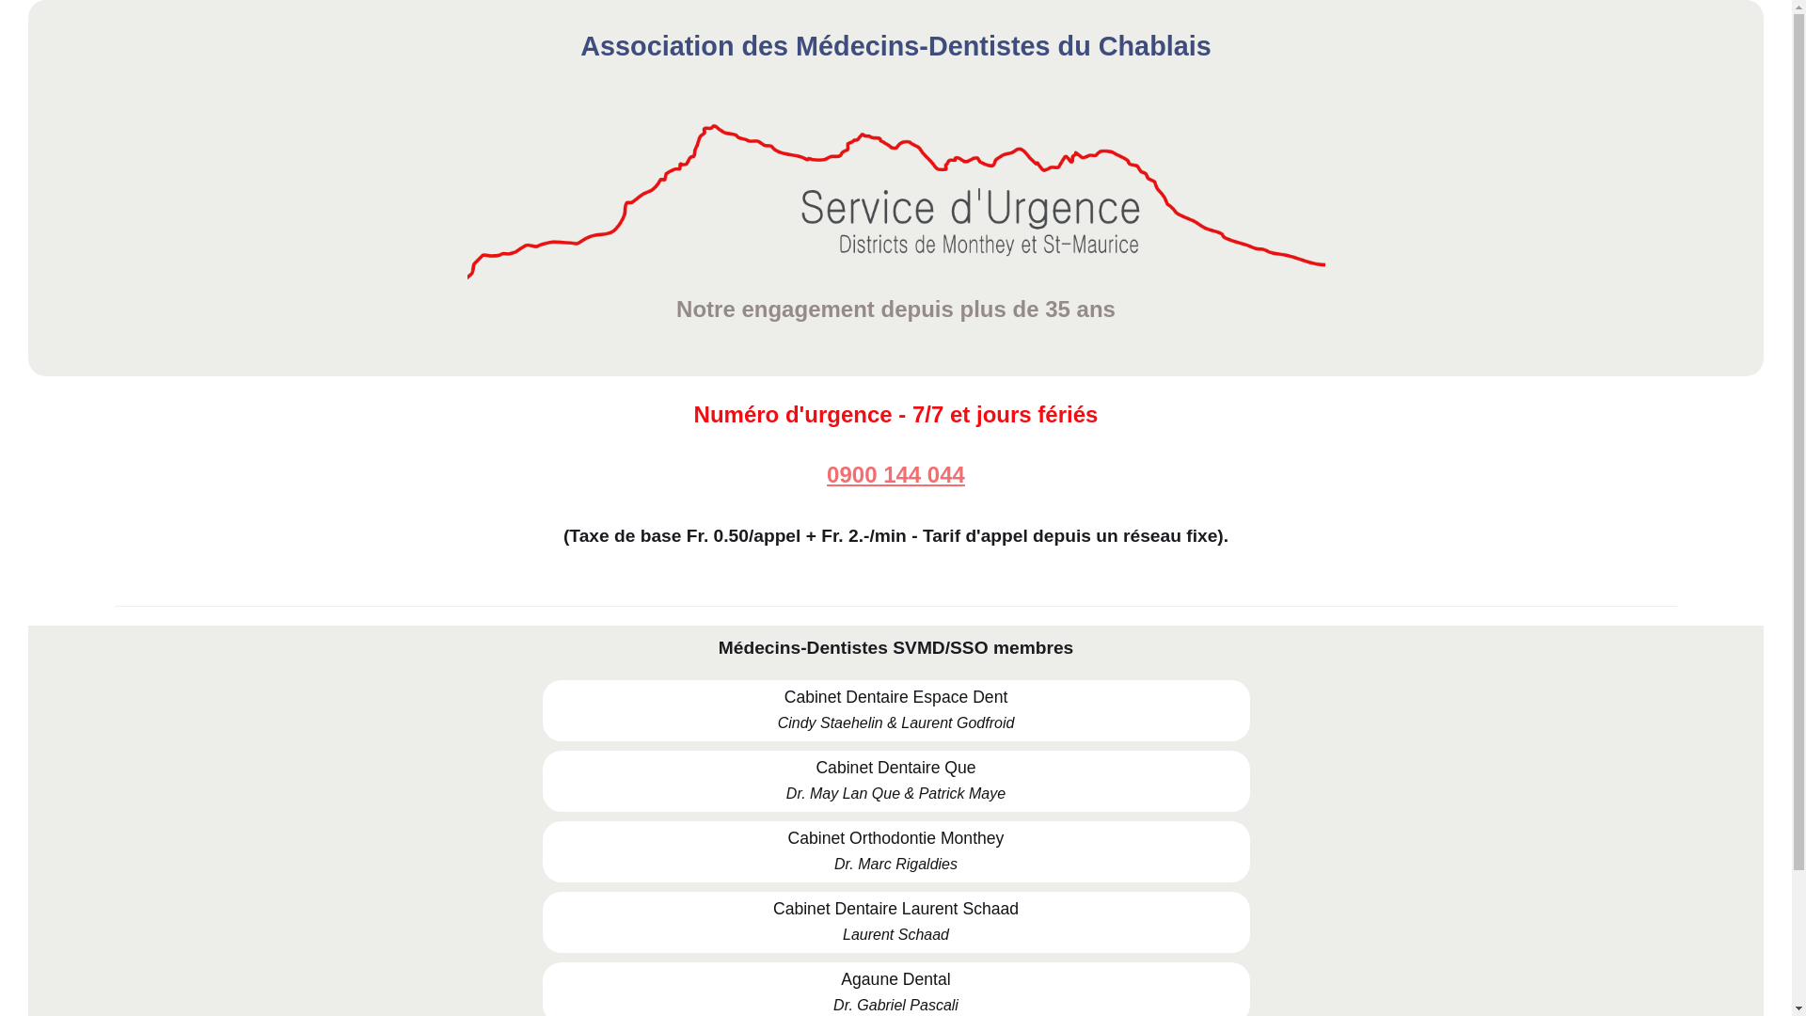 The height and width of the screenshot is (1016, 1806). What do you see at coordinates (895, 474) in the screenshot?
I see `'0900 144 044'` at bounding box center [895, 474].